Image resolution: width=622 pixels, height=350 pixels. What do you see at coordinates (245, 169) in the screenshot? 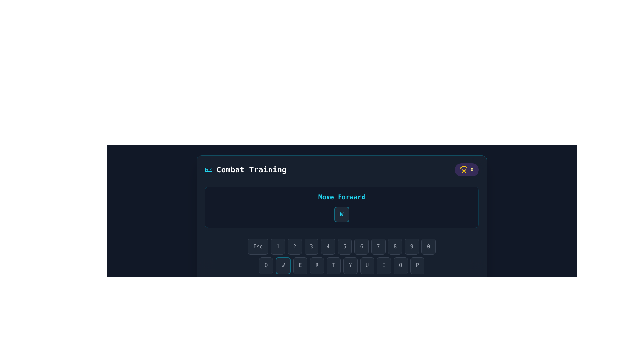
I see `'Combat Training' text label that is displayed in bold white font with a game controller icon on the left, positioned at the top left of the interface` at bounding box center [245, 169].